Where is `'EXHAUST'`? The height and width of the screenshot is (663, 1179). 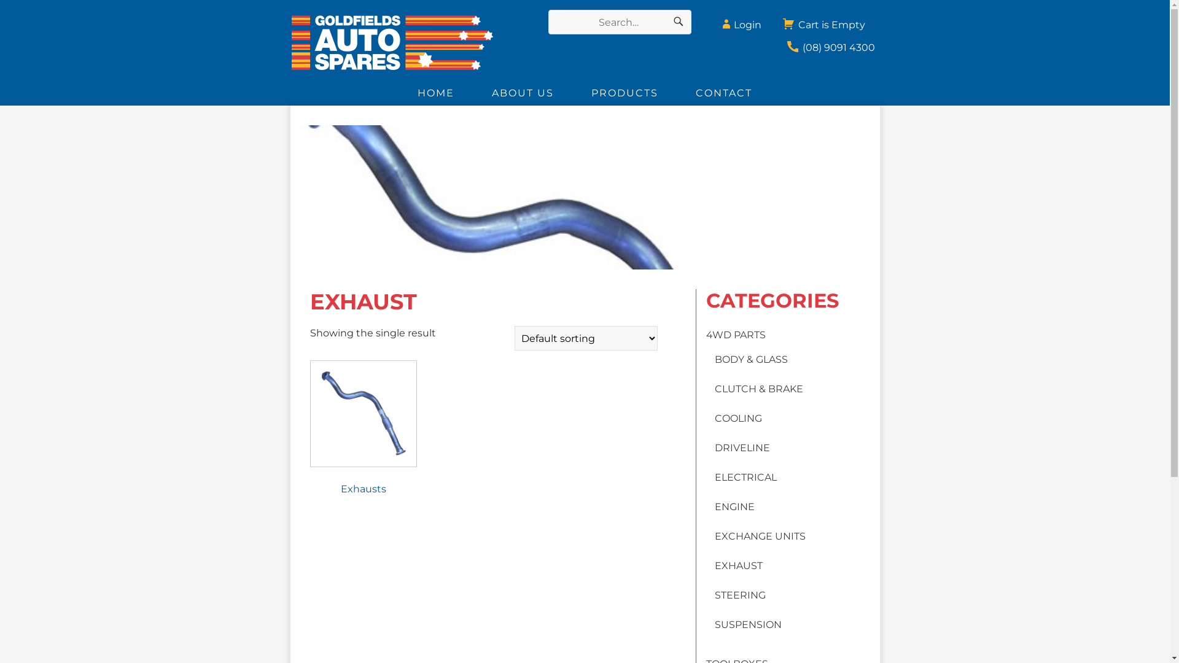 'EXHAUST' is located at coordinates (738, 565).